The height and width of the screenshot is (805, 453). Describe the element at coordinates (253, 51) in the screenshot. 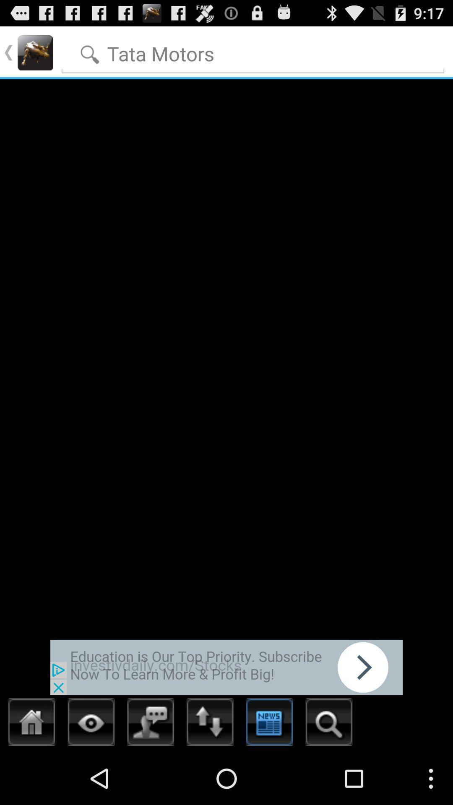

I see `words to search` at that location.